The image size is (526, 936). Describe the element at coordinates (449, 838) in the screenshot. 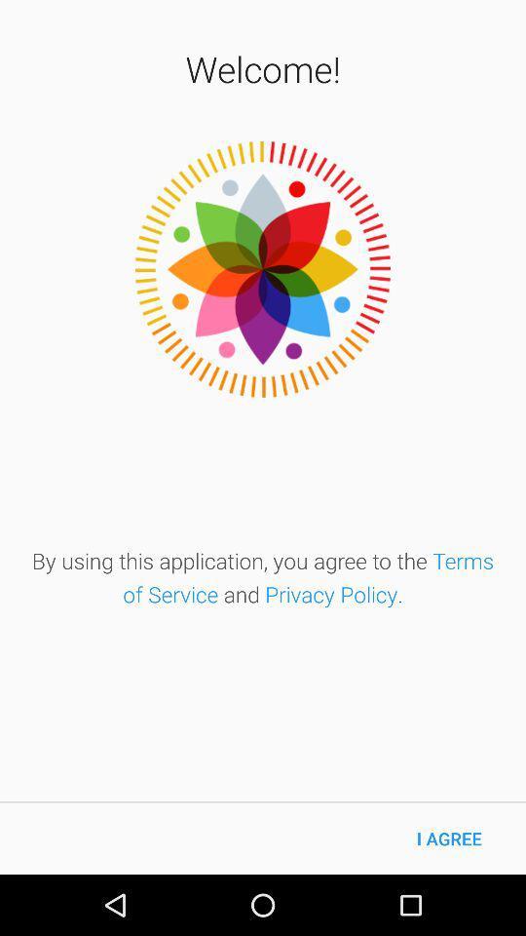

I see `the i agree` at that location.